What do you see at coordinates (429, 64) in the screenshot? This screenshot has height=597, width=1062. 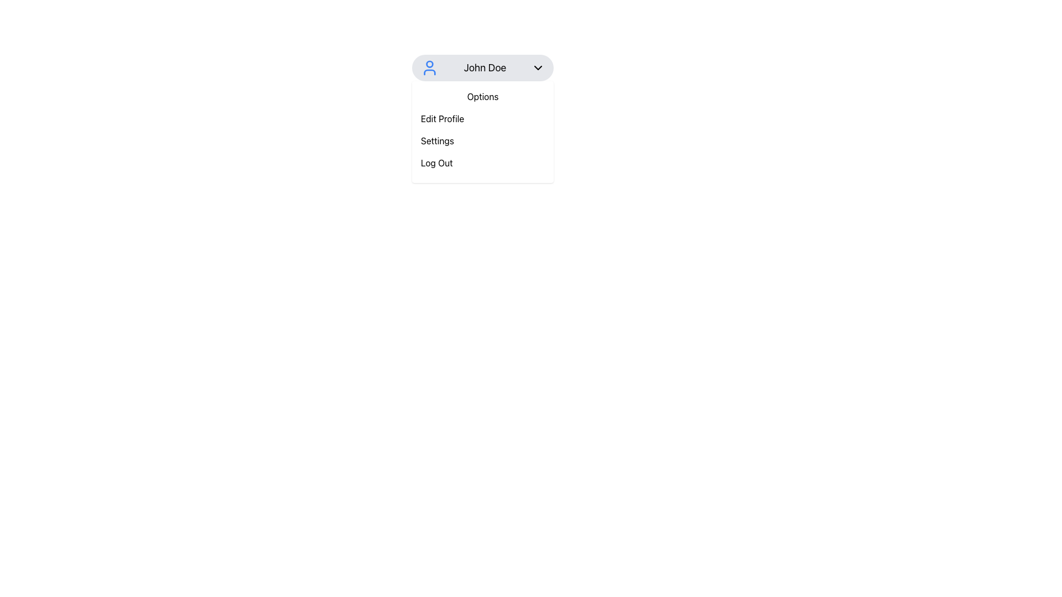 I see `the circular graphical element within the SVG that enhances visual communication in the profile dropdown` at bounding box center [429, 64].